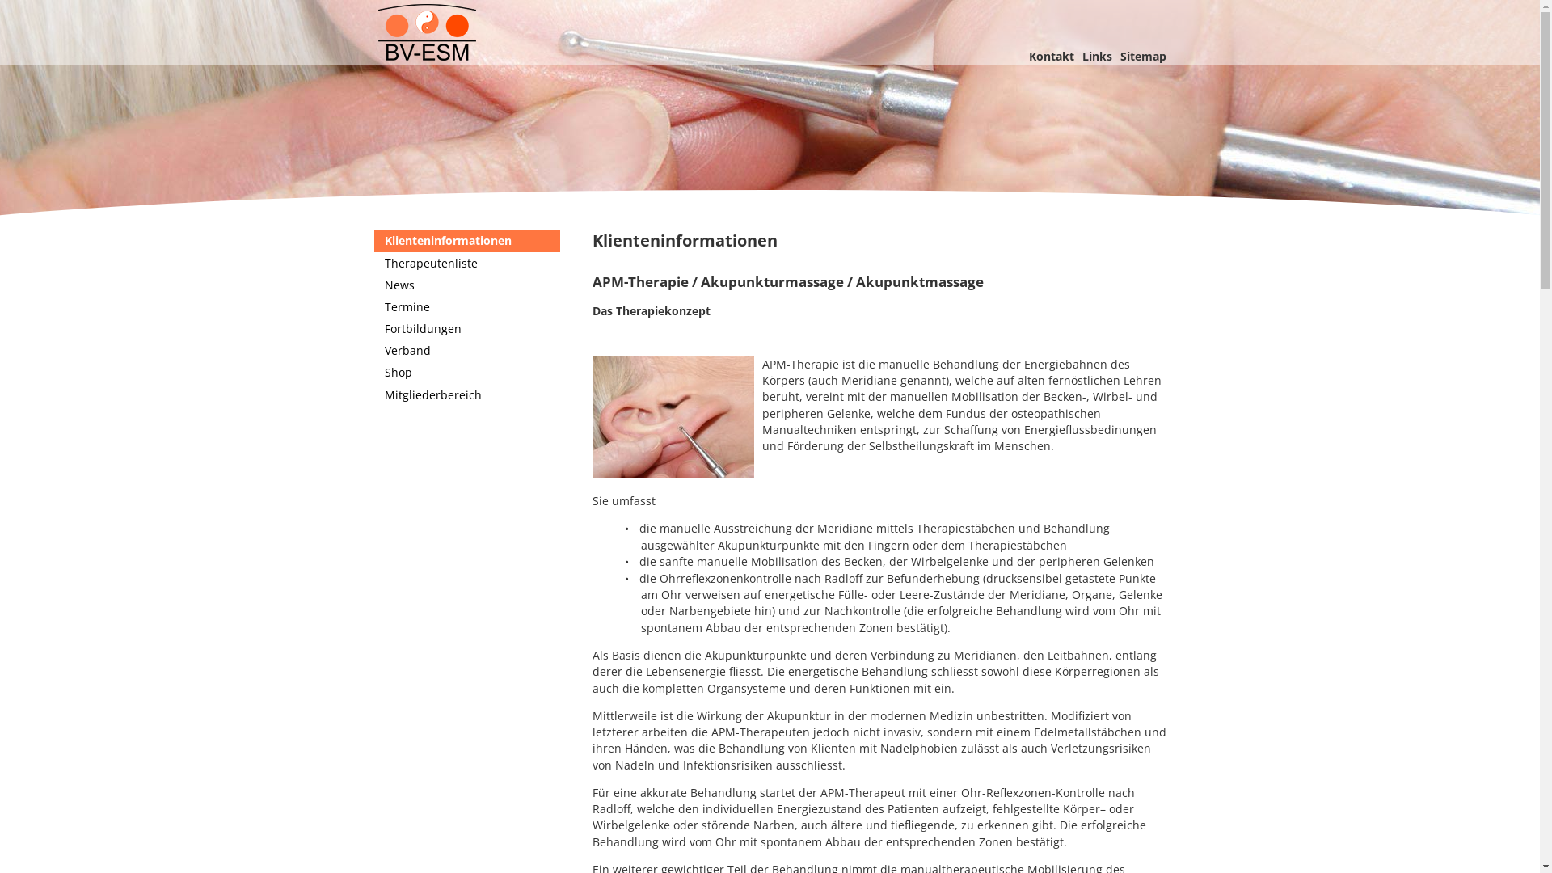 This screenshot has height=873, width=1552. I want to click on 'Verband', so click(465, 350).